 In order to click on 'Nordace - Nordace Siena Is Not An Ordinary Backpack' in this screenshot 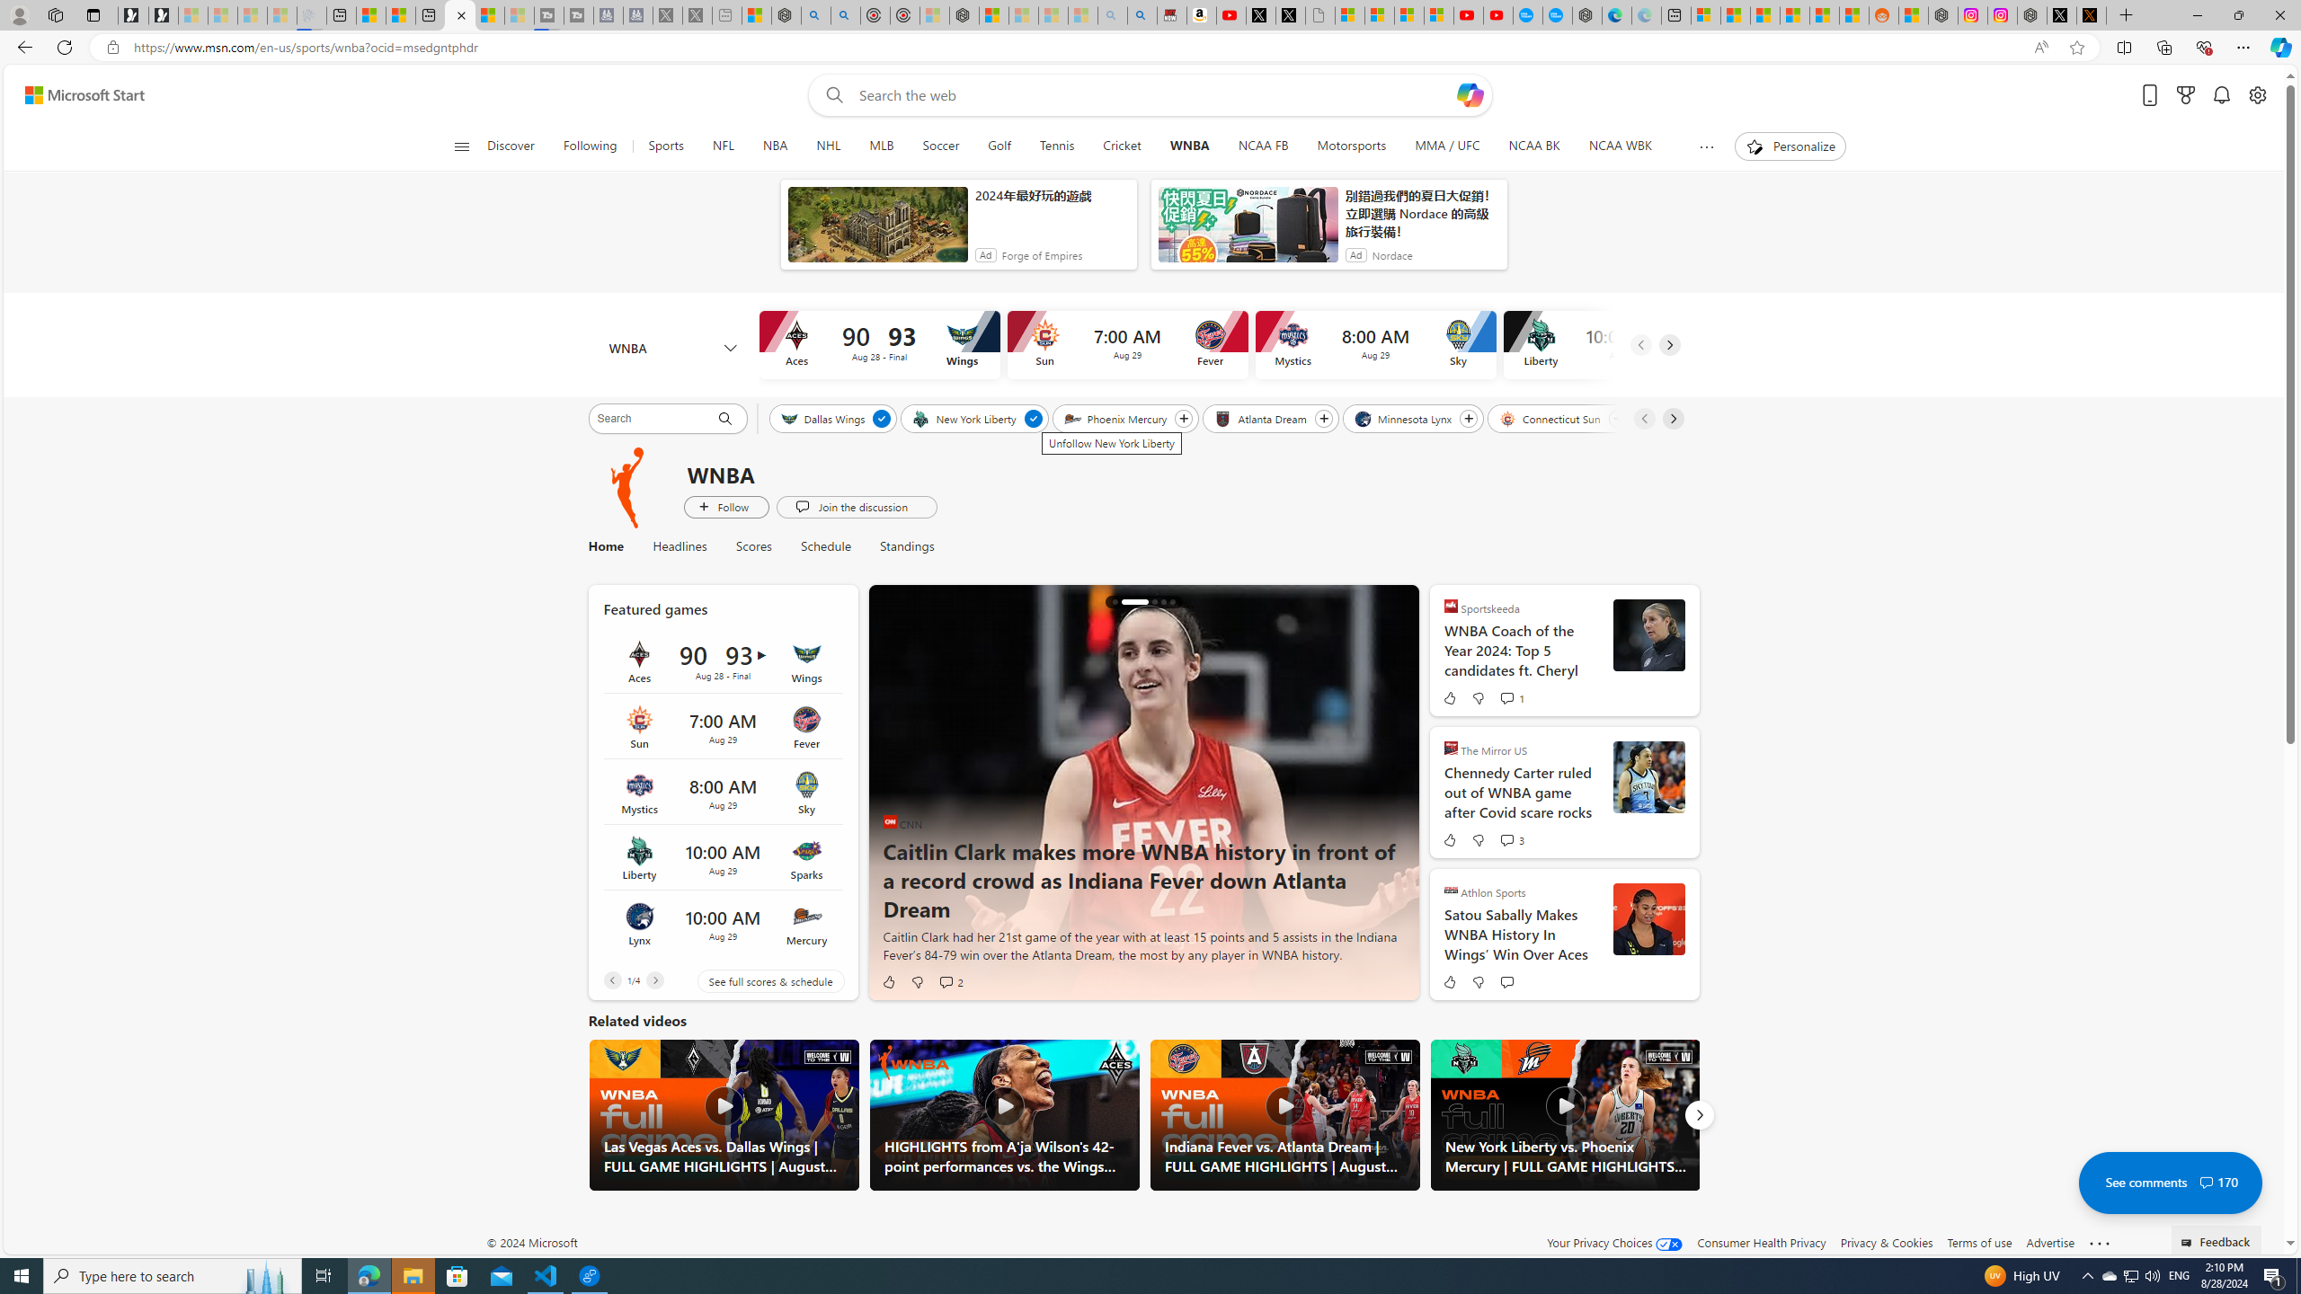, I will do `click(964, 14)`.